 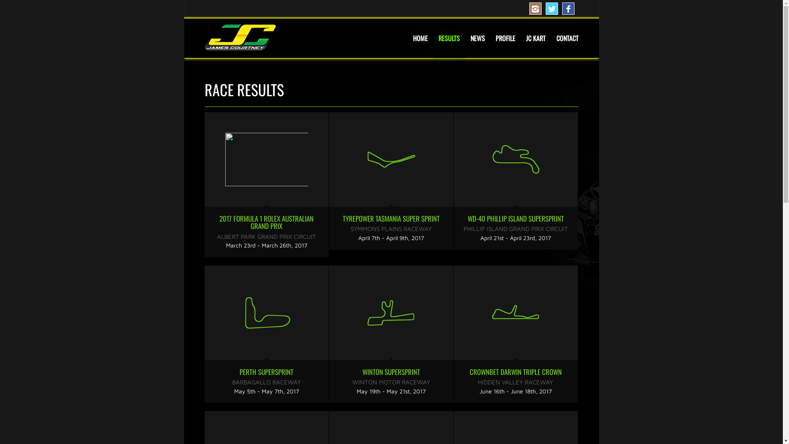 What do you see at coordinates (546, 8) in the screenshot?
I see `'Twitter'` at bounding box center [546, 8].